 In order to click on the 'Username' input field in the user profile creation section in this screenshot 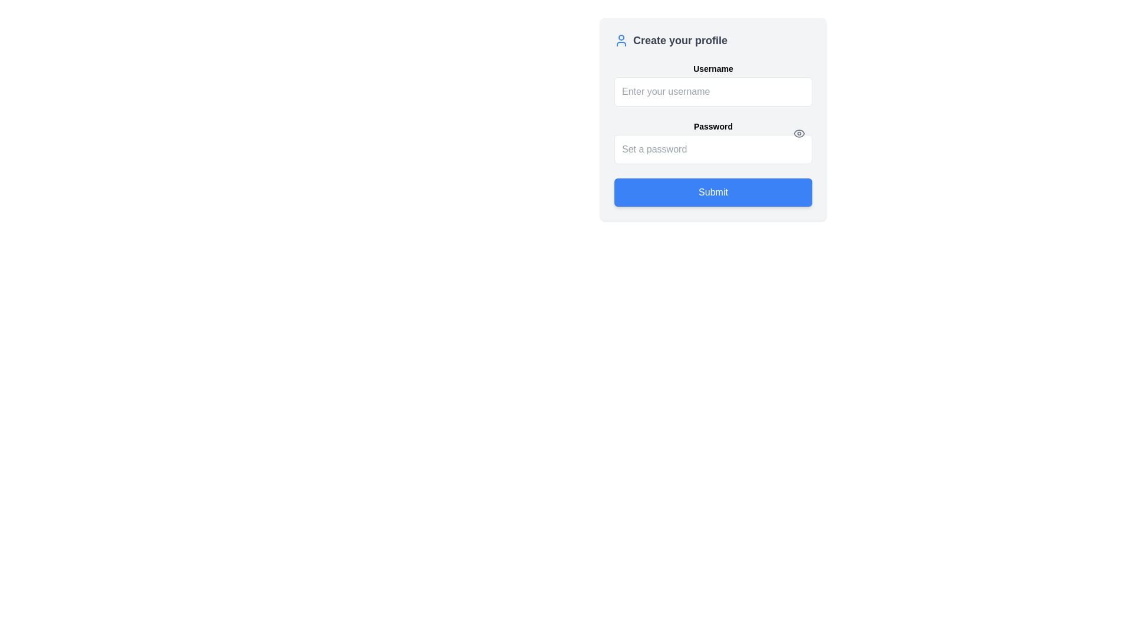, I will do `click(712, 84)`.